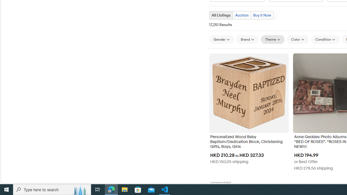 The image size is (347, 195). Describe the element at coordinates (273, 39) in the screenshot. I see `'Theme'` at that location.